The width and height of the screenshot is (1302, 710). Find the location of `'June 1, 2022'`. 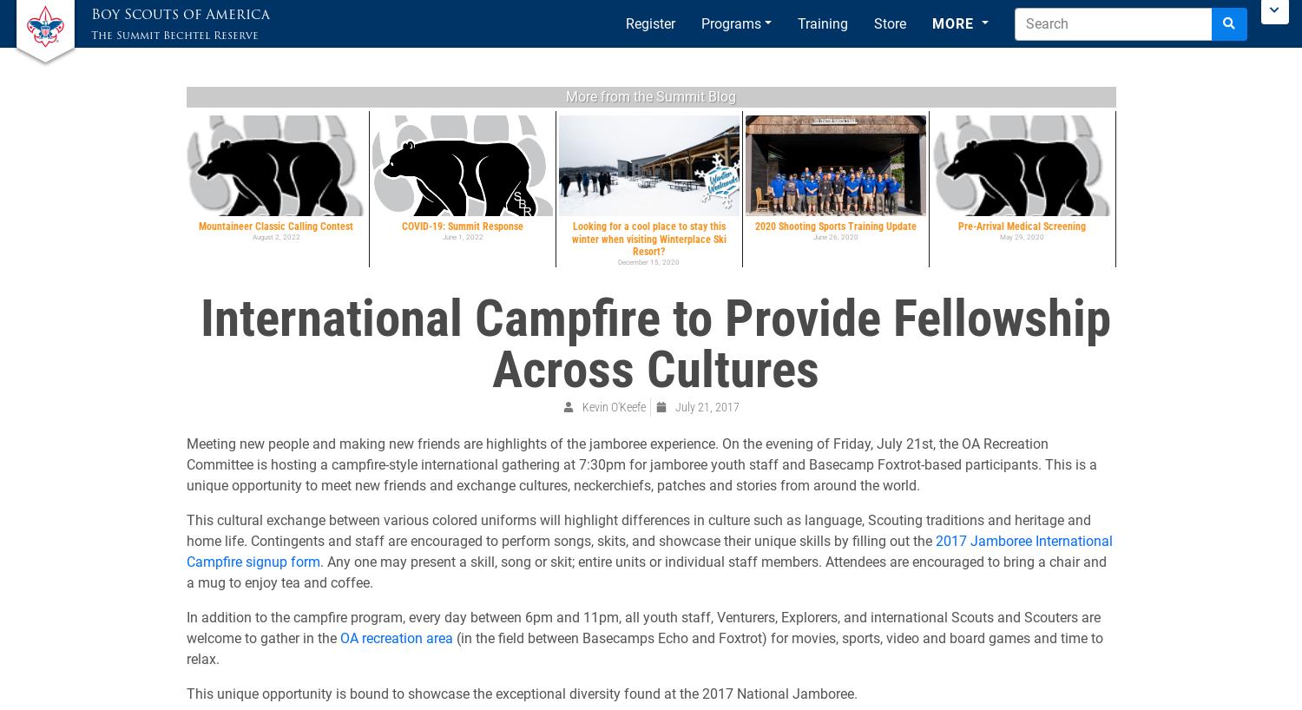

'June 1, 2022' is located at coordinates (462, 236).